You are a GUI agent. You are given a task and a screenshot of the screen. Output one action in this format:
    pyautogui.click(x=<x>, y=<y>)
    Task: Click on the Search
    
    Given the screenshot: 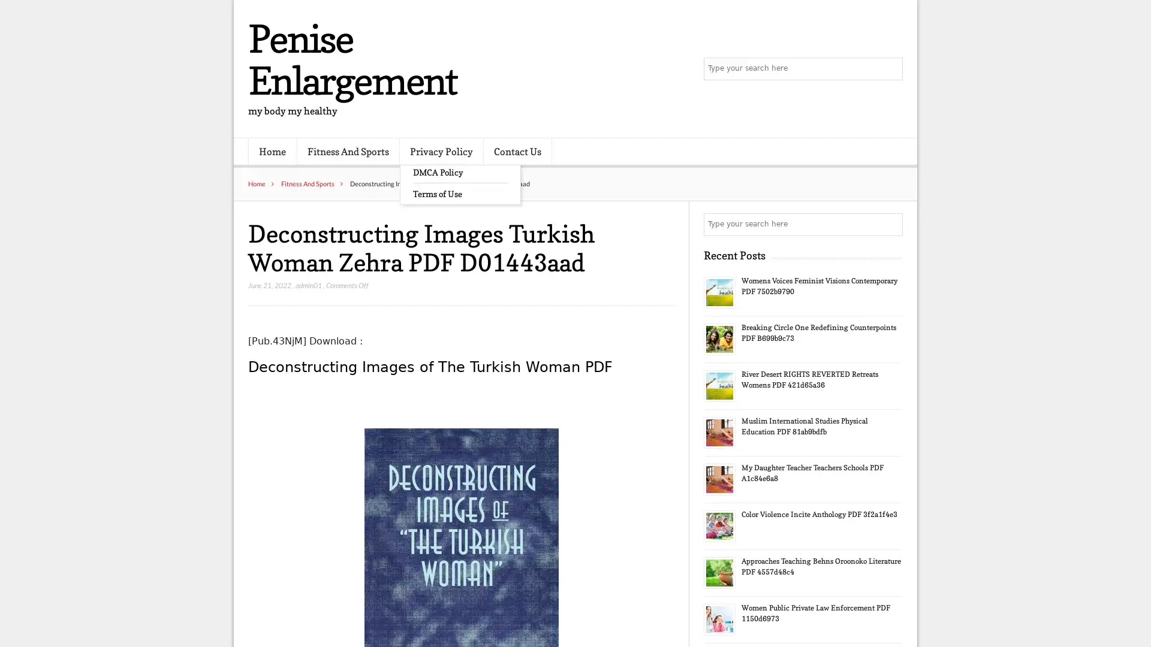 What is the action you would take?
    pyautogui.click(x=890, y=224)
    